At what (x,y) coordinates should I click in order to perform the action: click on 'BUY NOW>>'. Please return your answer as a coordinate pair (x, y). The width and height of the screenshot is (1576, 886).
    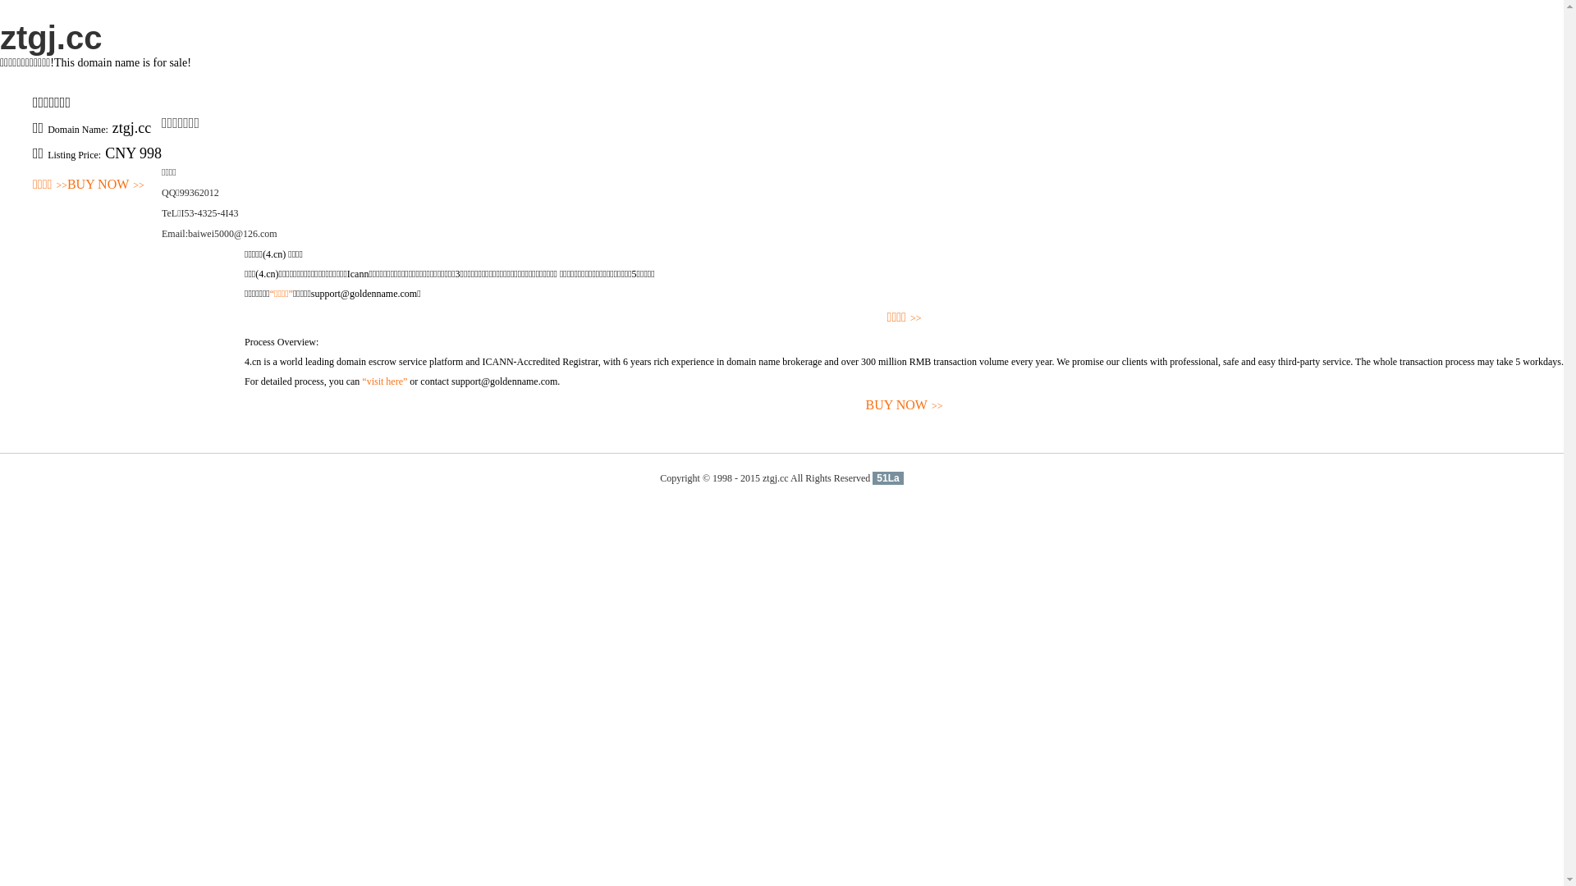
    Looking at the image, I should click on (105, 185).